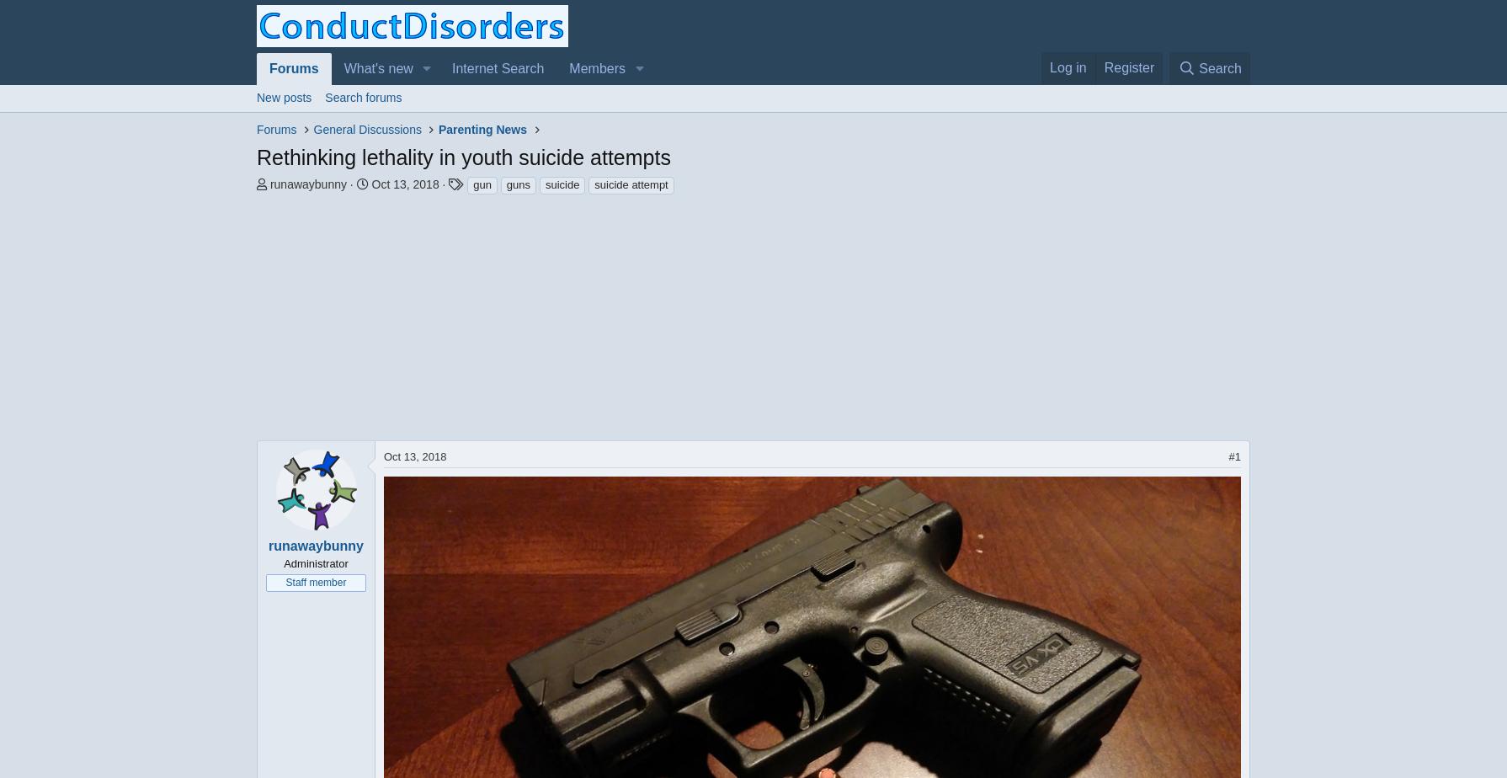 Image resolution: width=1507 pixels, height=778 pixels. Describe the element at coordinates (1129, 67) in the screenshot. I see `'Register'` at that location.